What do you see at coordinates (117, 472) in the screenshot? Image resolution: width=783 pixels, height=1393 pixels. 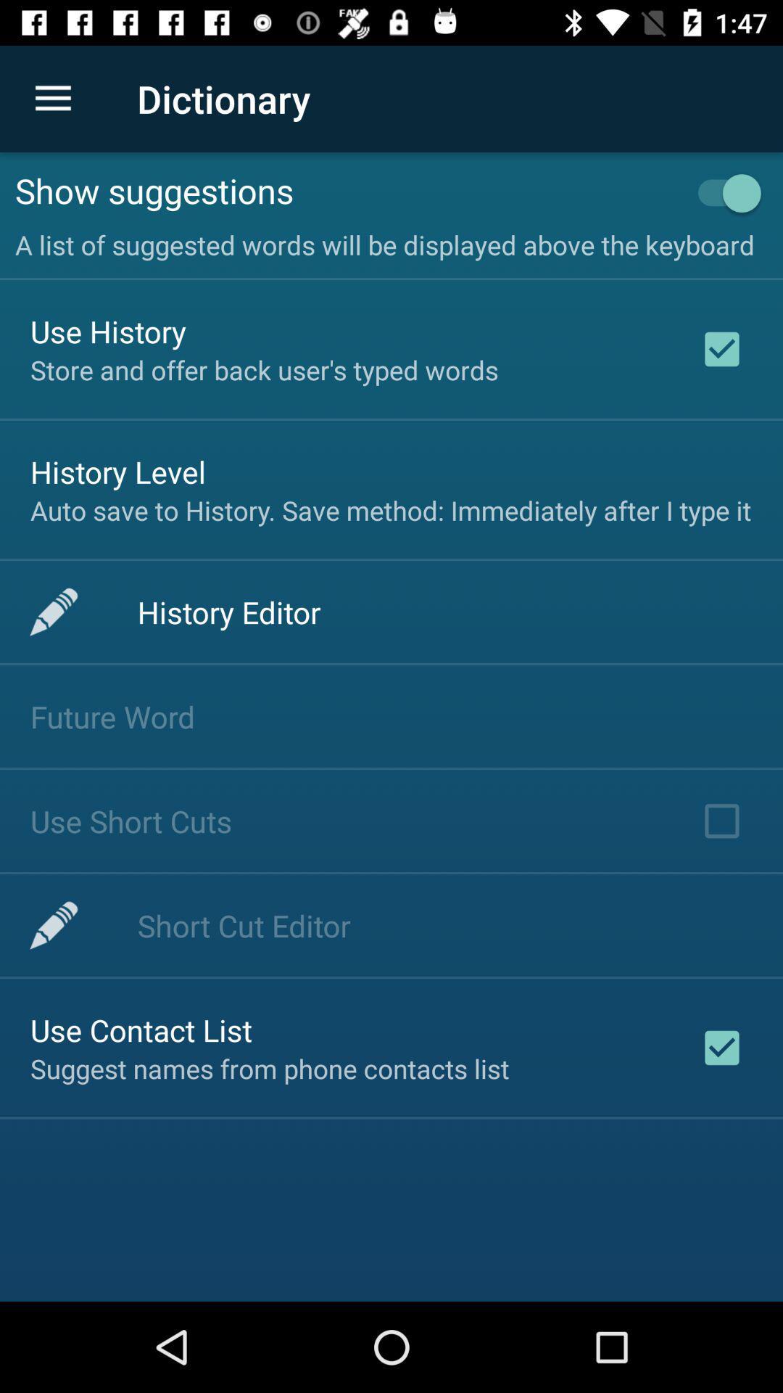 I see `the item above the auto save to icon` at bounding box center [117, 472].